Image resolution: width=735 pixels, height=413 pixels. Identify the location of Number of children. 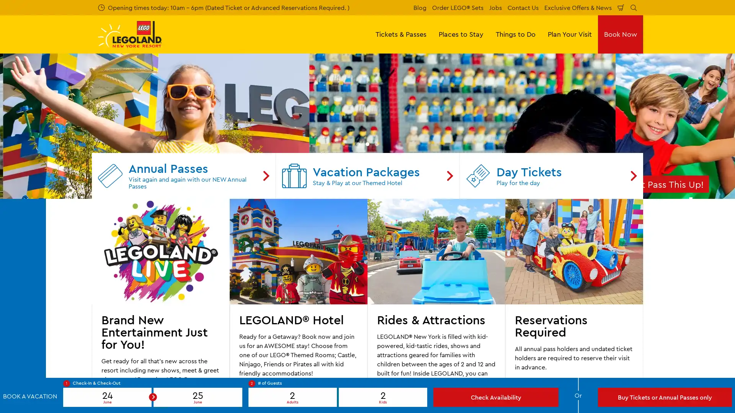
(383, 397).